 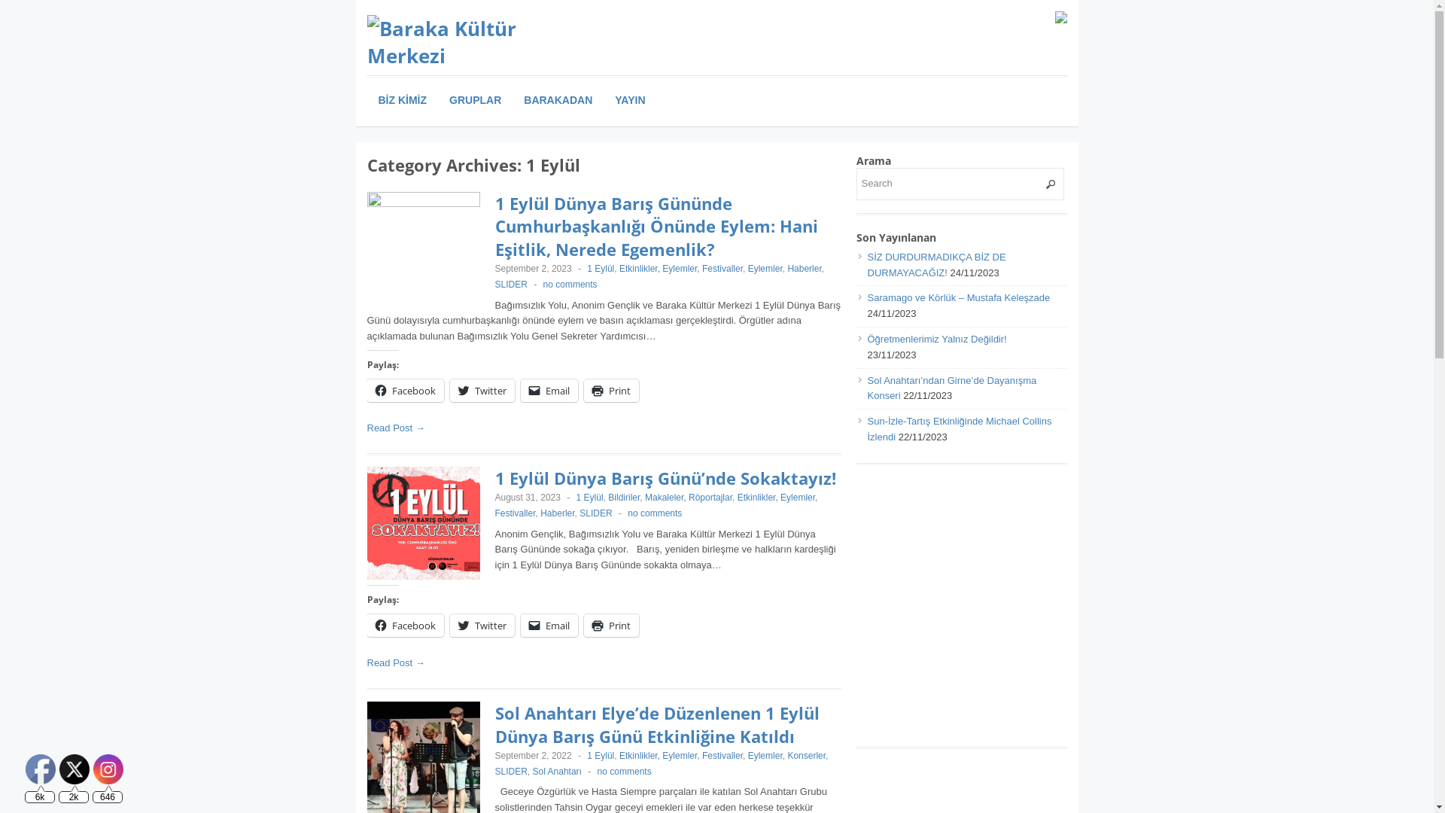 I want to click on 'GRUPLAR', so click(x=474, y=99).